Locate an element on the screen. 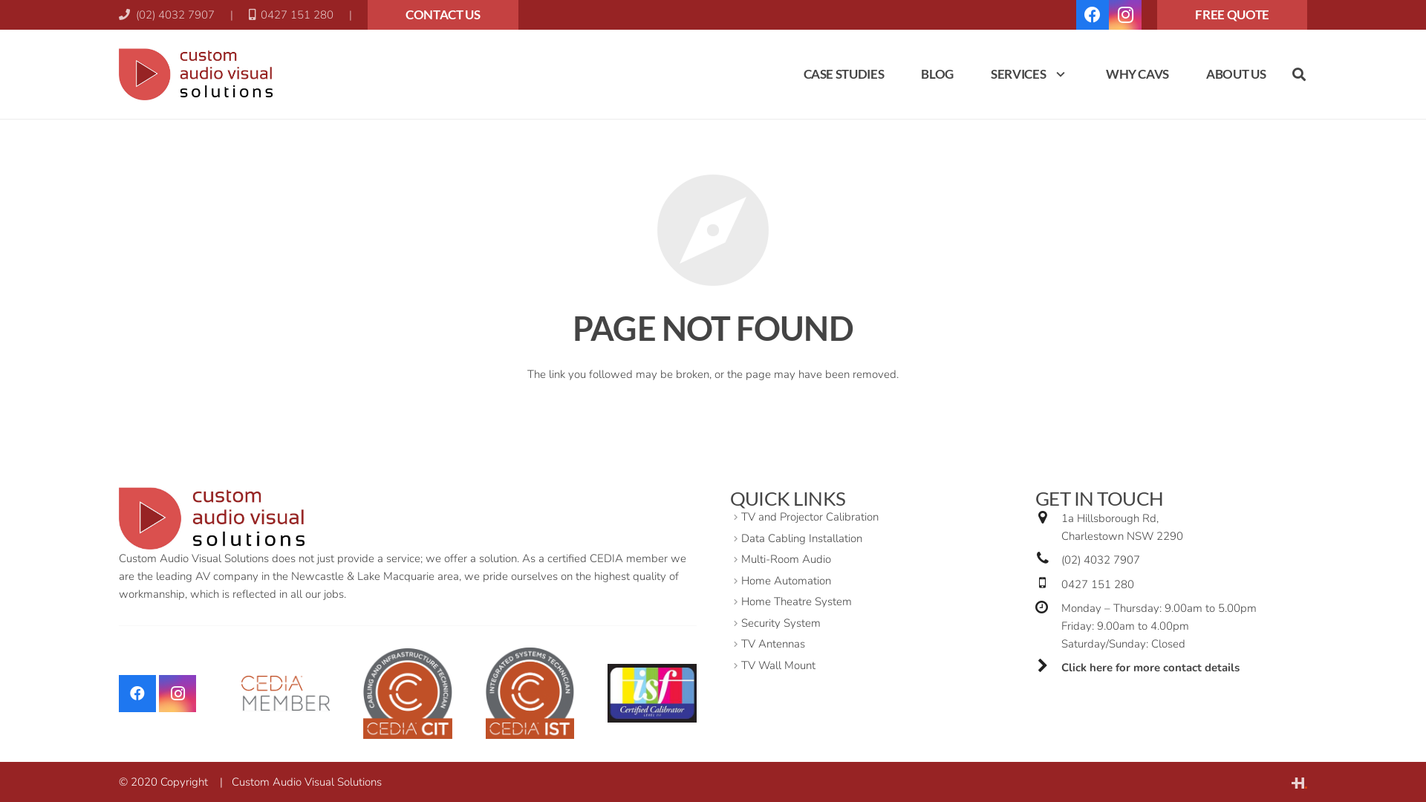  'Security System' is located at coordinates (780, 623).